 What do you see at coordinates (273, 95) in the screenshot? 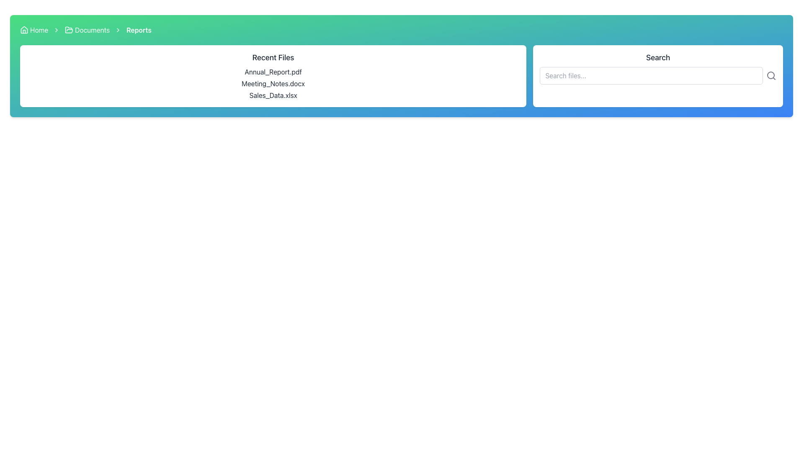
I see `the text label displaying 'Sales_Data.xlsx' which is the third item in the vertical list under 'Recent Files'` at bounding box center [273, 95].